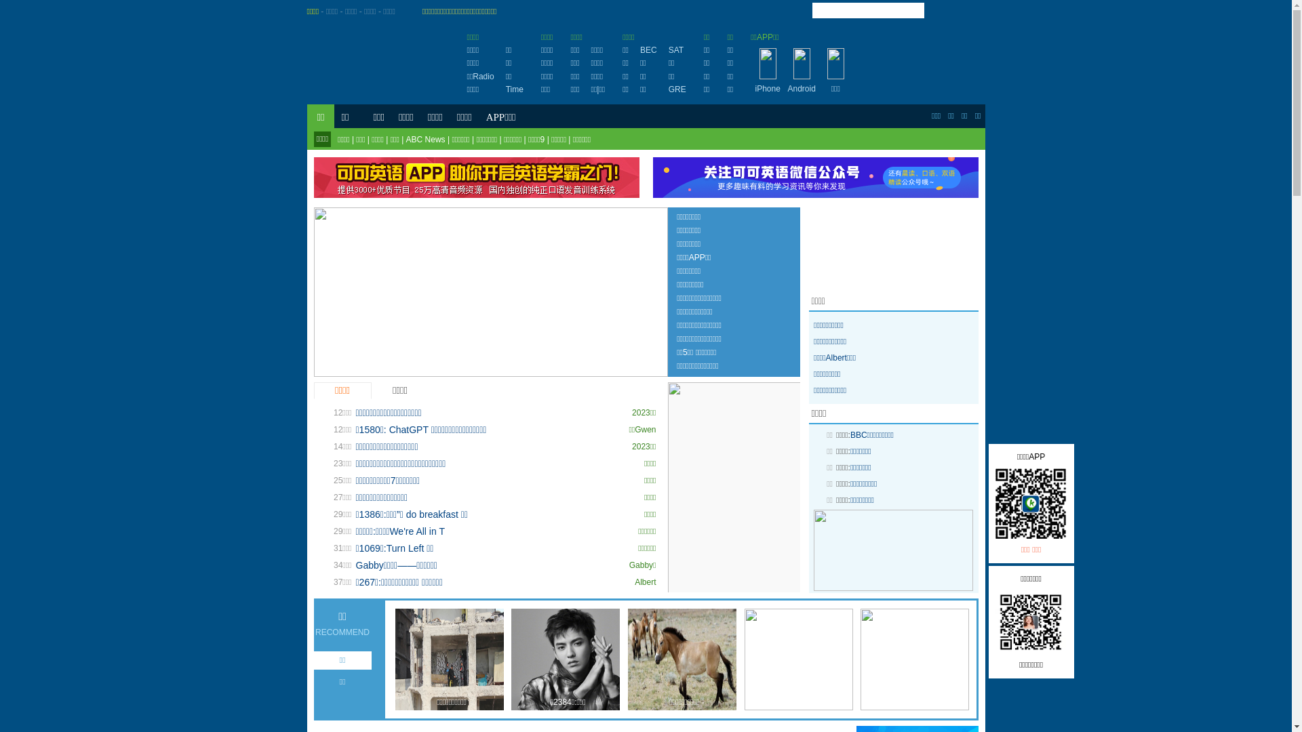 This screenshot has height=732, width=1302. Describe the element at coordinates (513, 89) in the screenshot. I see `'Time'` at that location.